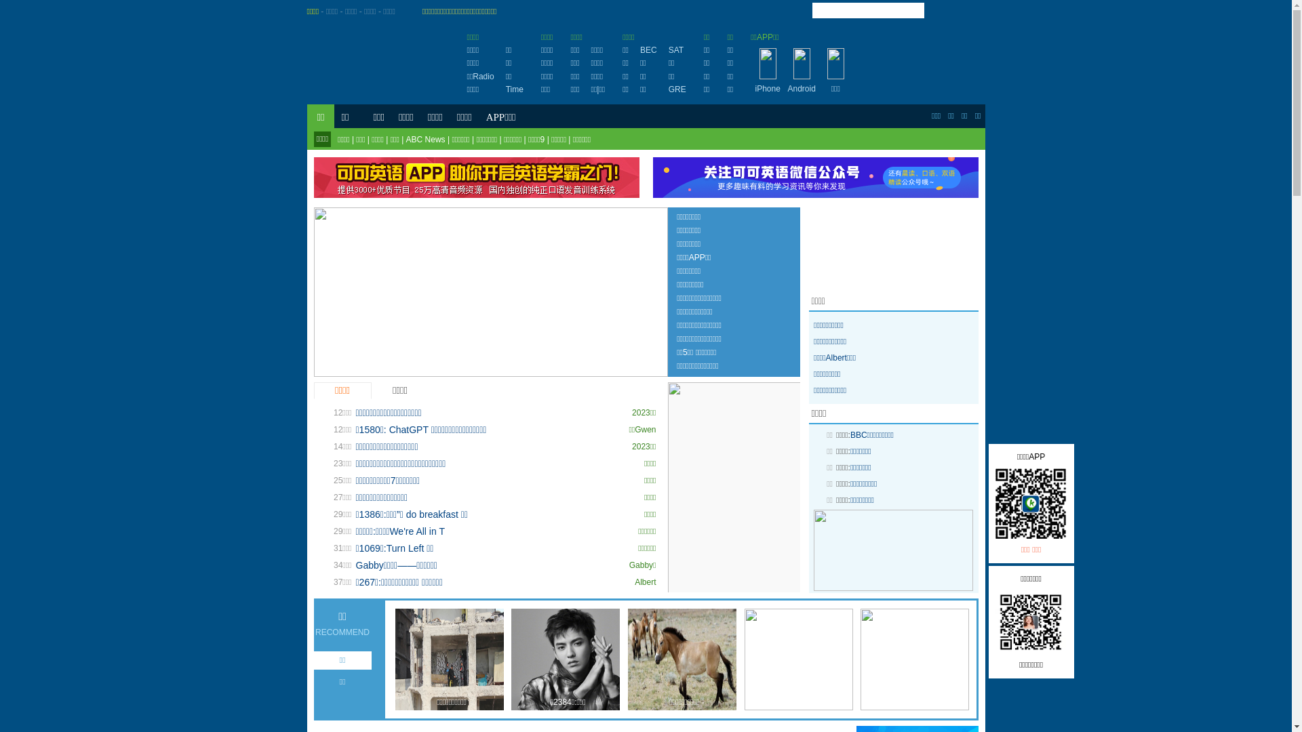 This screenshot has height=732, width=1302. Describe the element at coordinates (513, 89) in the screenshot. I see `'Time'` at that location.